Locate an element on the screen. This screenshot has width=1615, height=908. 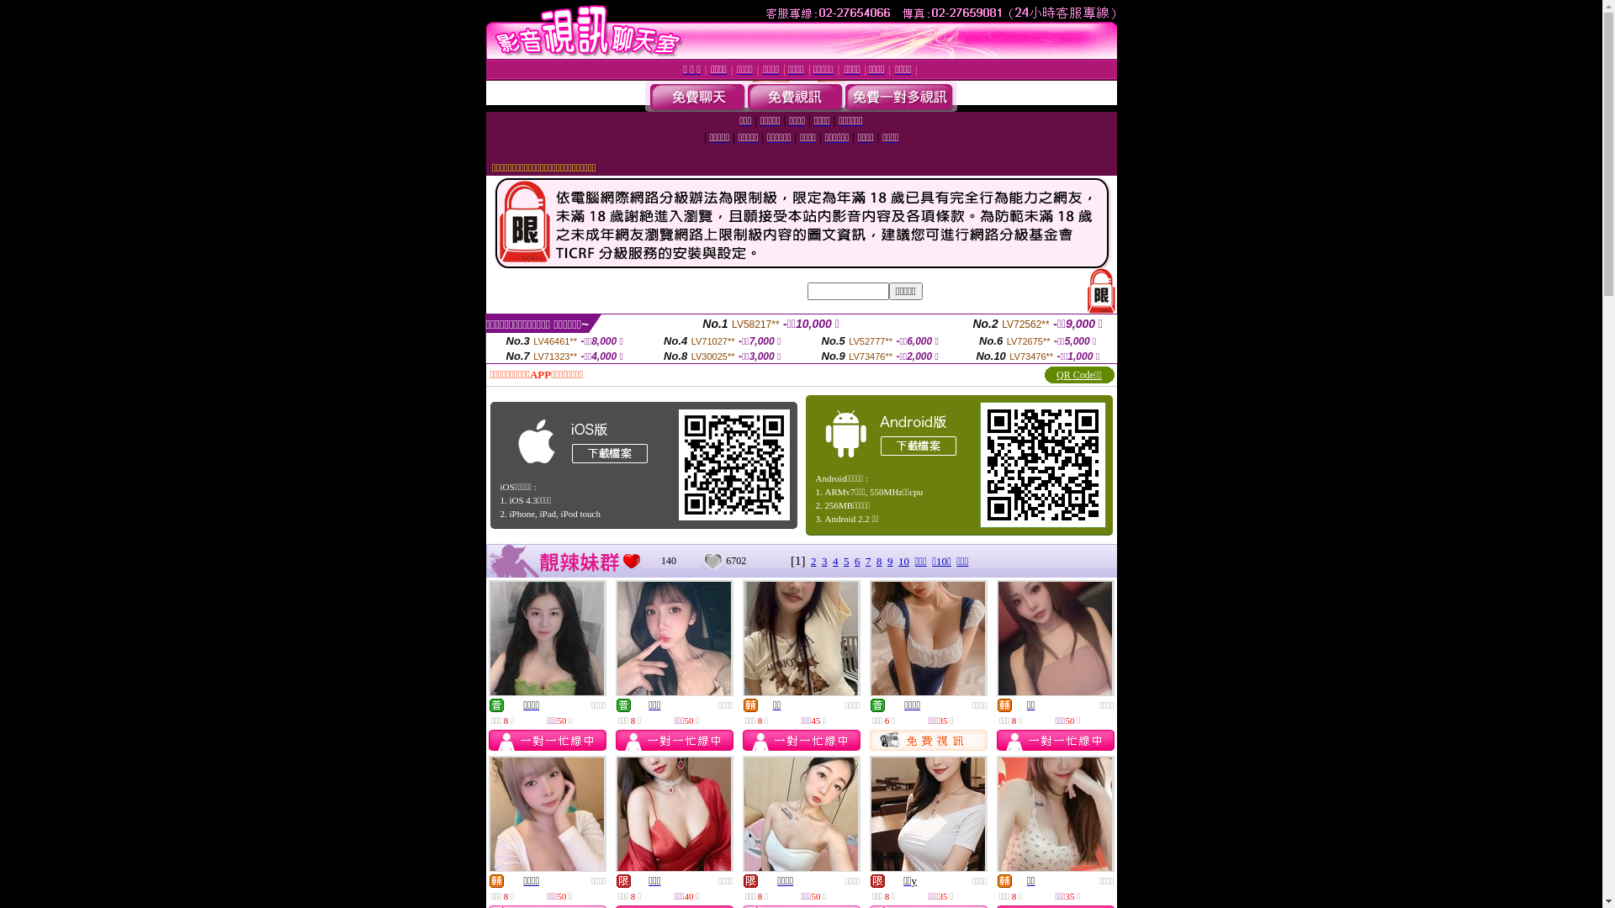
'6' is located at coordinates (857, 561).